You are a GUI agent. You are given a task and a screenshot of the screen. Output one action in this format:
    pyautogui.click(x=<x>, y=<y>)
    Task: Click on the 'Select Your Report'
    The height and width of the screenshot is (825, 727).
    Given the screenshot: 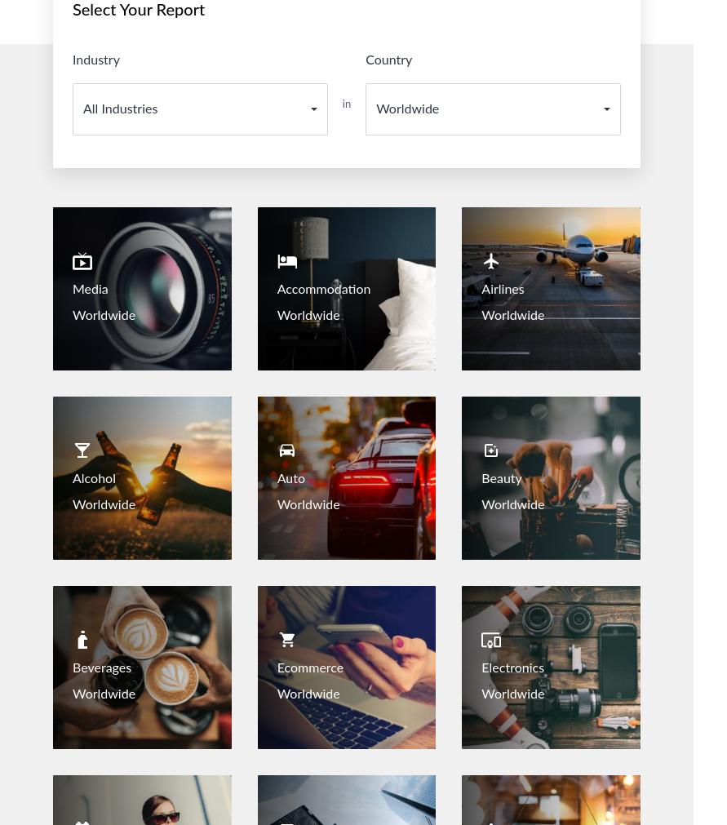 What is the action you would take?
    pyautogui.click(x=138, y=10)
    